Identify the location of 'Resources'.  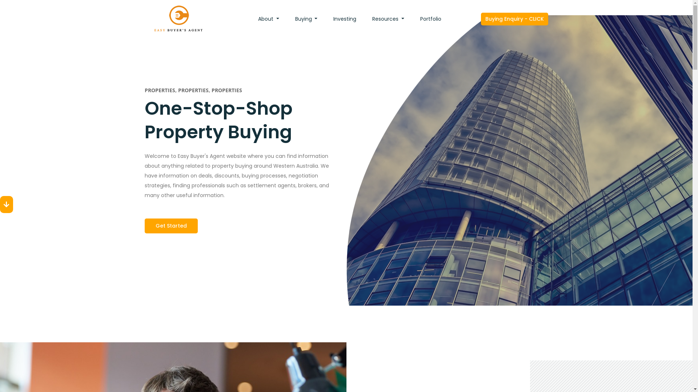
(388, 19).